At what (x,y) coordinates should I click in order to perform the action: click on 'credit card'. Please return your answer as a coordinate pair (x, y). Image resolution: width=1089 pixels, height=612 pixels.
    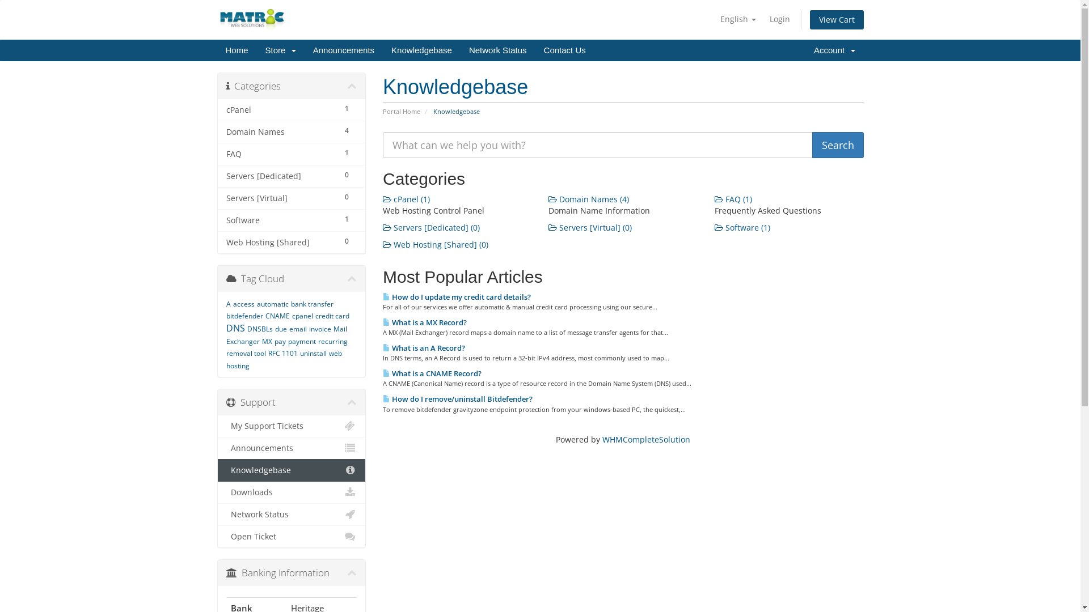
    Looking at the image, I should click on (331, 316).